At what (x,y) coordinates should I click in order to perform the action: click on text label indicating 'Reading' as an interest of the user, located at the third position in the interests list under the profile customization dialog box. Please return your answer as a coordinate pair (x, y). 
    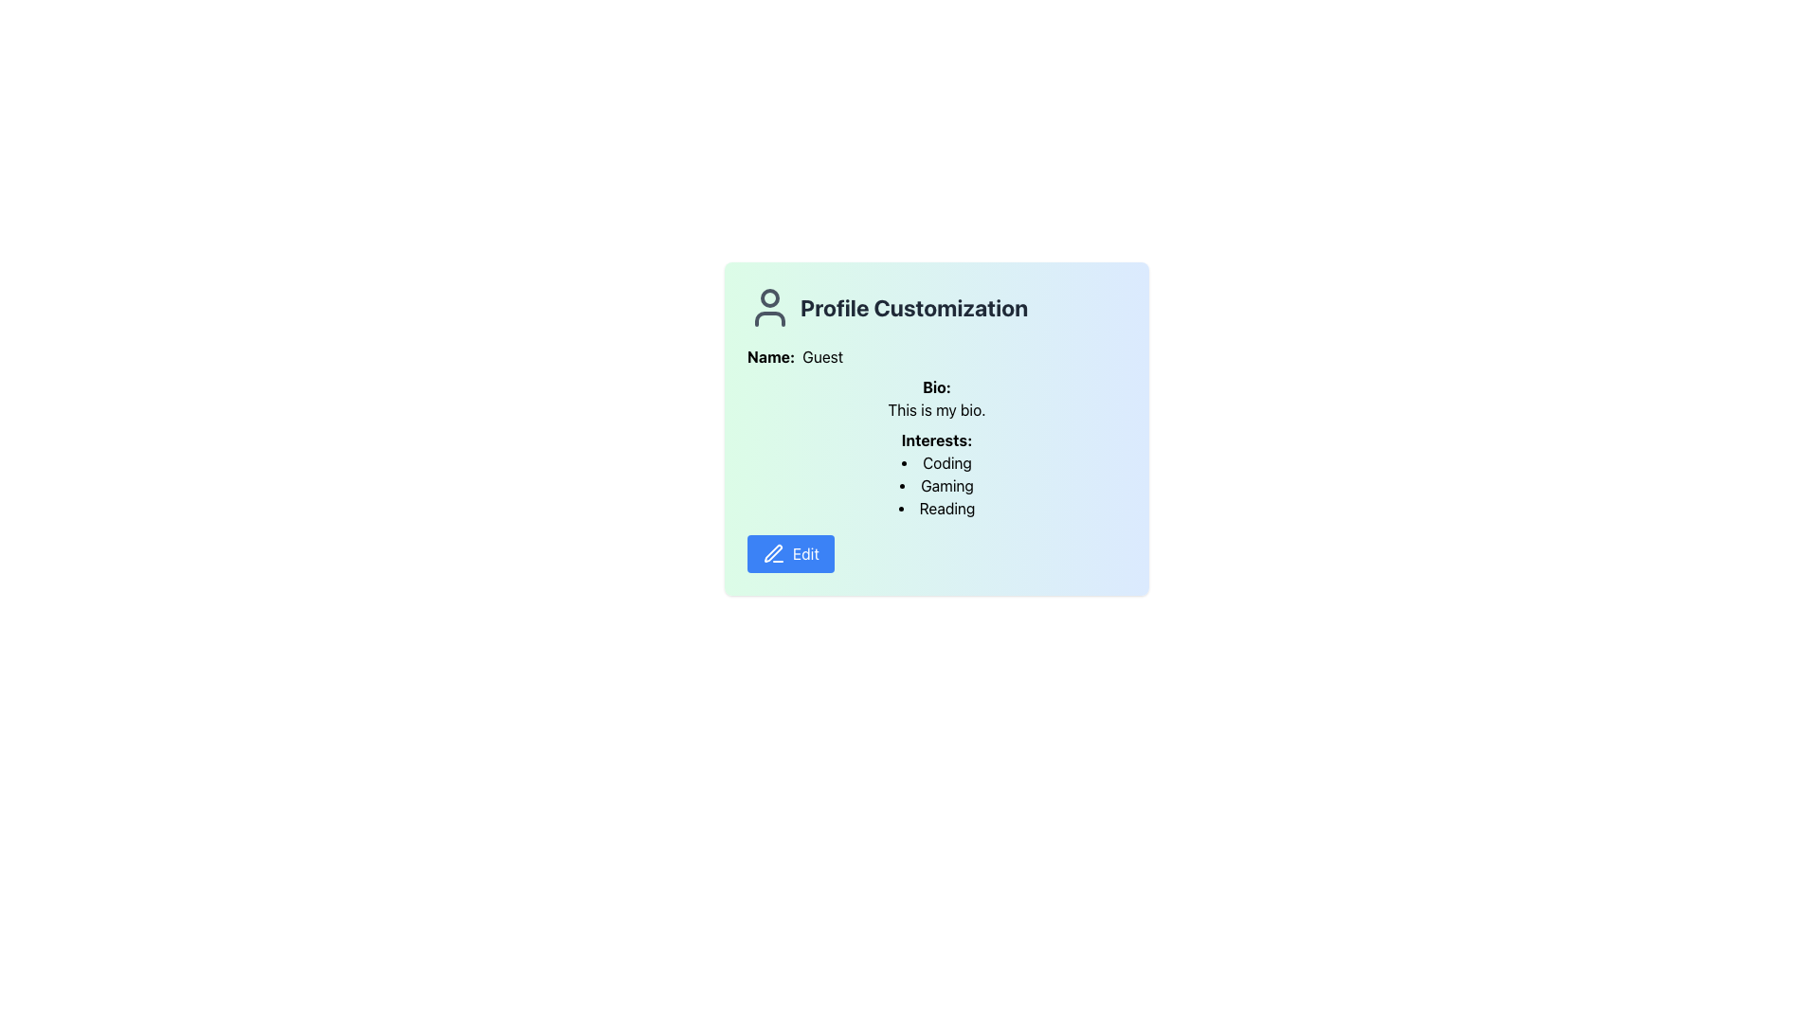
    Looking at the image, I should click on (936, 507).